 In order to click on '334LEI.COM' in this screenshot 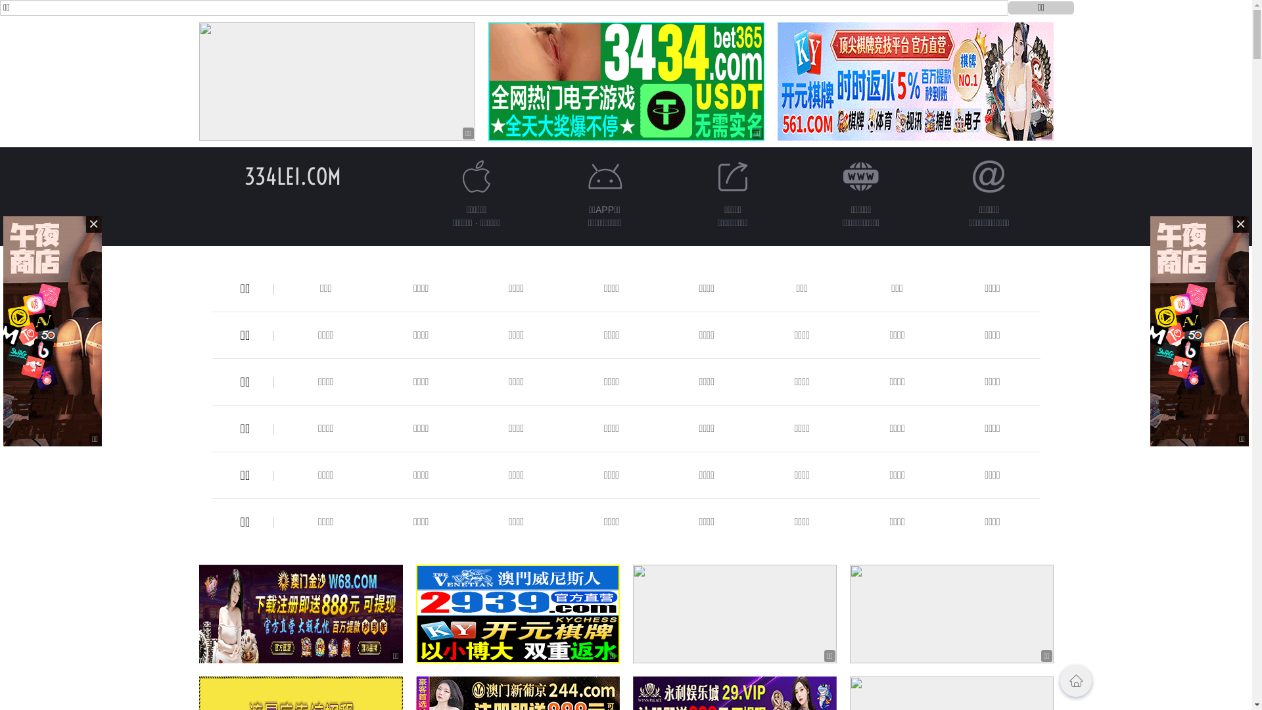, I will do `click(292, 176)`.